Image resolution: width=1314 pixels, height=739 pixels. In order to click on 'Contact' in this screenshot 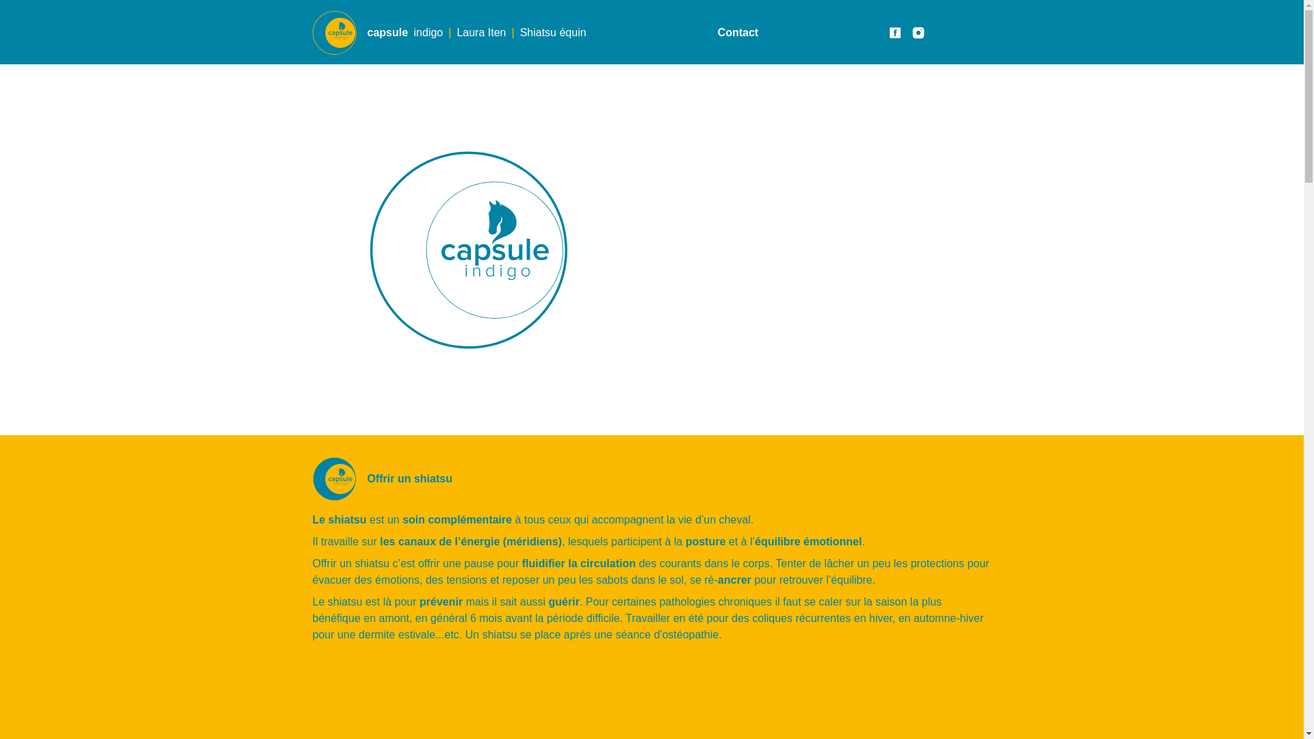, I will do `click(738, 31)`.